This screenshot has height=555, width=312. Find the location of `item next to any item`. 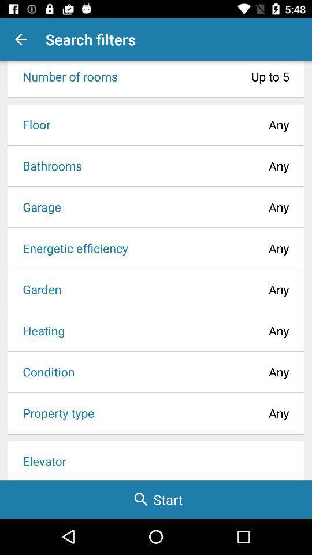

item next to any item is located at coordinates (39, 330).